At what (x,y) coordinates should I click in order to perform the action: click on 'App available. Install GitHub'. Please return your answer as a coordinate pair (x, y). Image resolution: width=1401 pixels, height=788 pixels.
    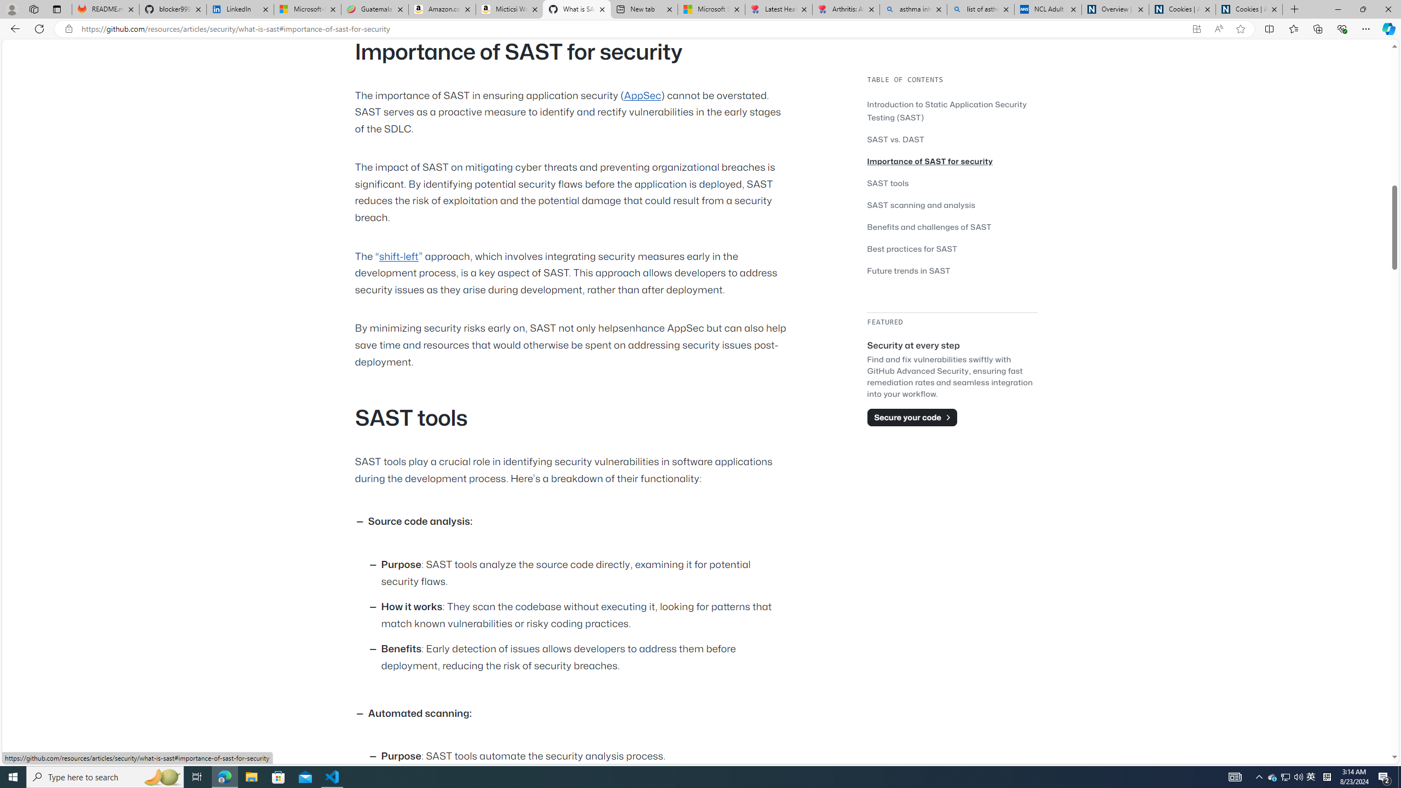
    Looking at the image, I should click on (1196, 29).